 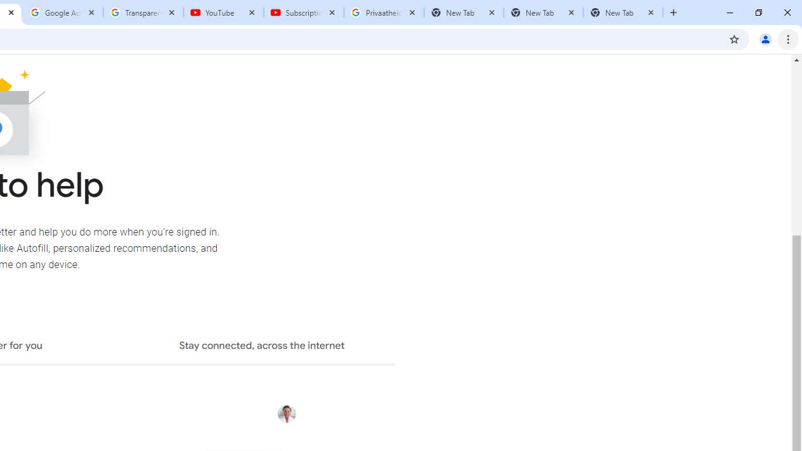 I want to click on 'YouTube', so click(x=224, y=13).